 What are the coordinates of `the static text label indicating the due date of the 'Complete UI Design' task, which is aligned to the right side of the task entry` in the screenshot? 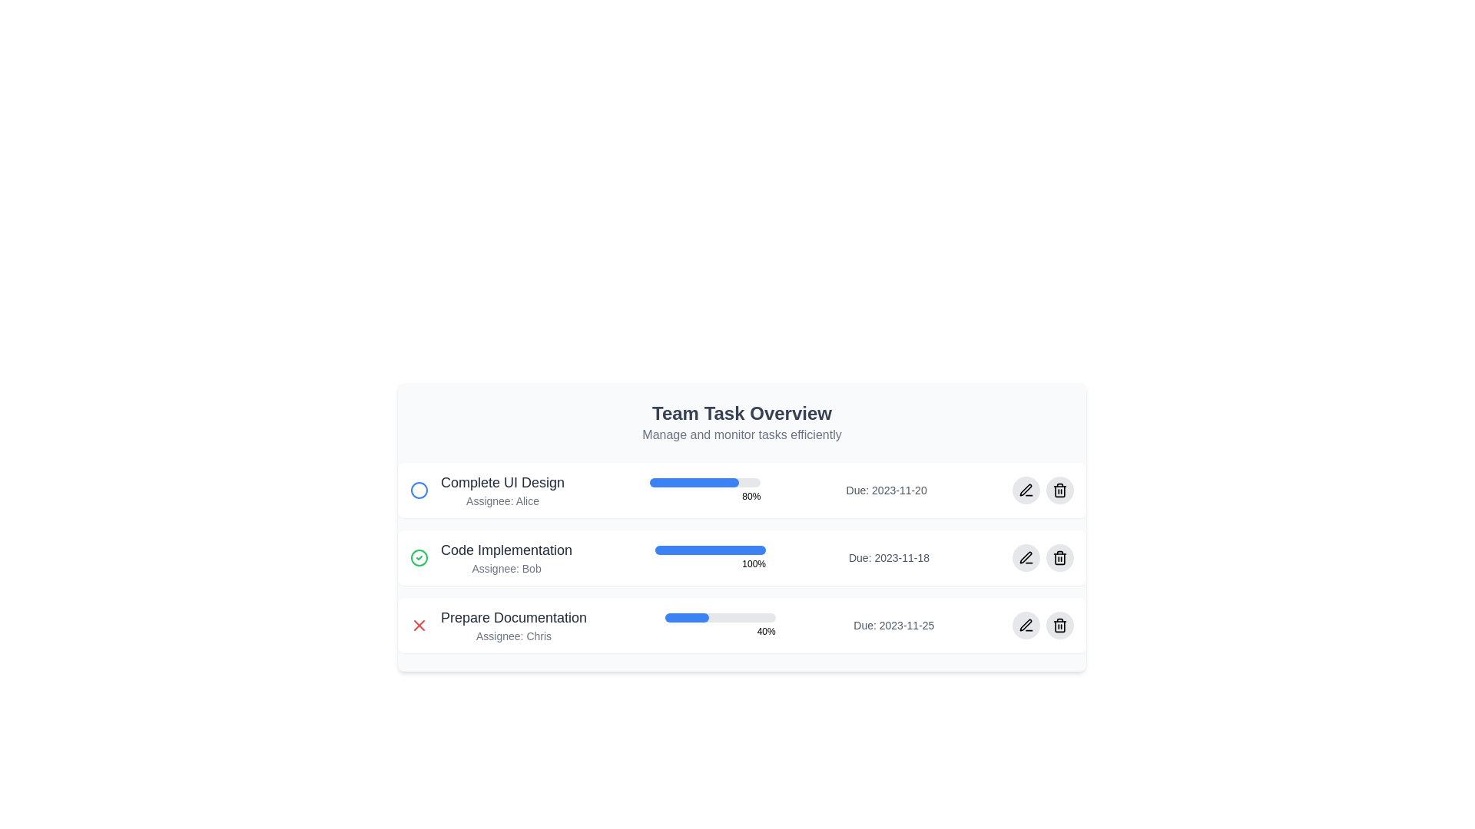 It's located at (887, 490).